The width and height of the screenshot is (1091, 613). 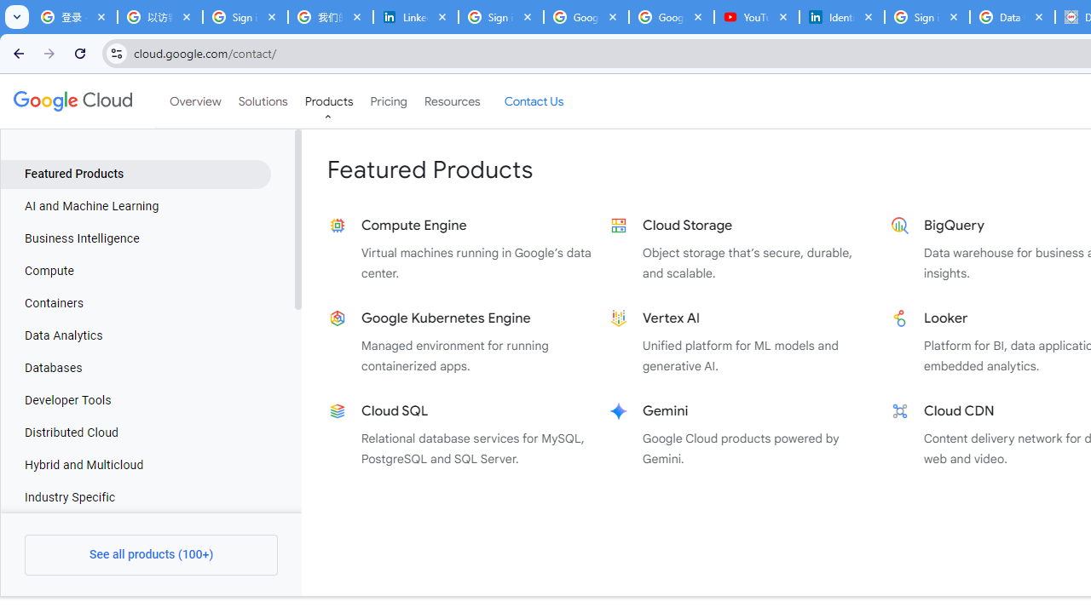 I want to click on 'Hybrid and Multicloud', so click(x=135, y=465).